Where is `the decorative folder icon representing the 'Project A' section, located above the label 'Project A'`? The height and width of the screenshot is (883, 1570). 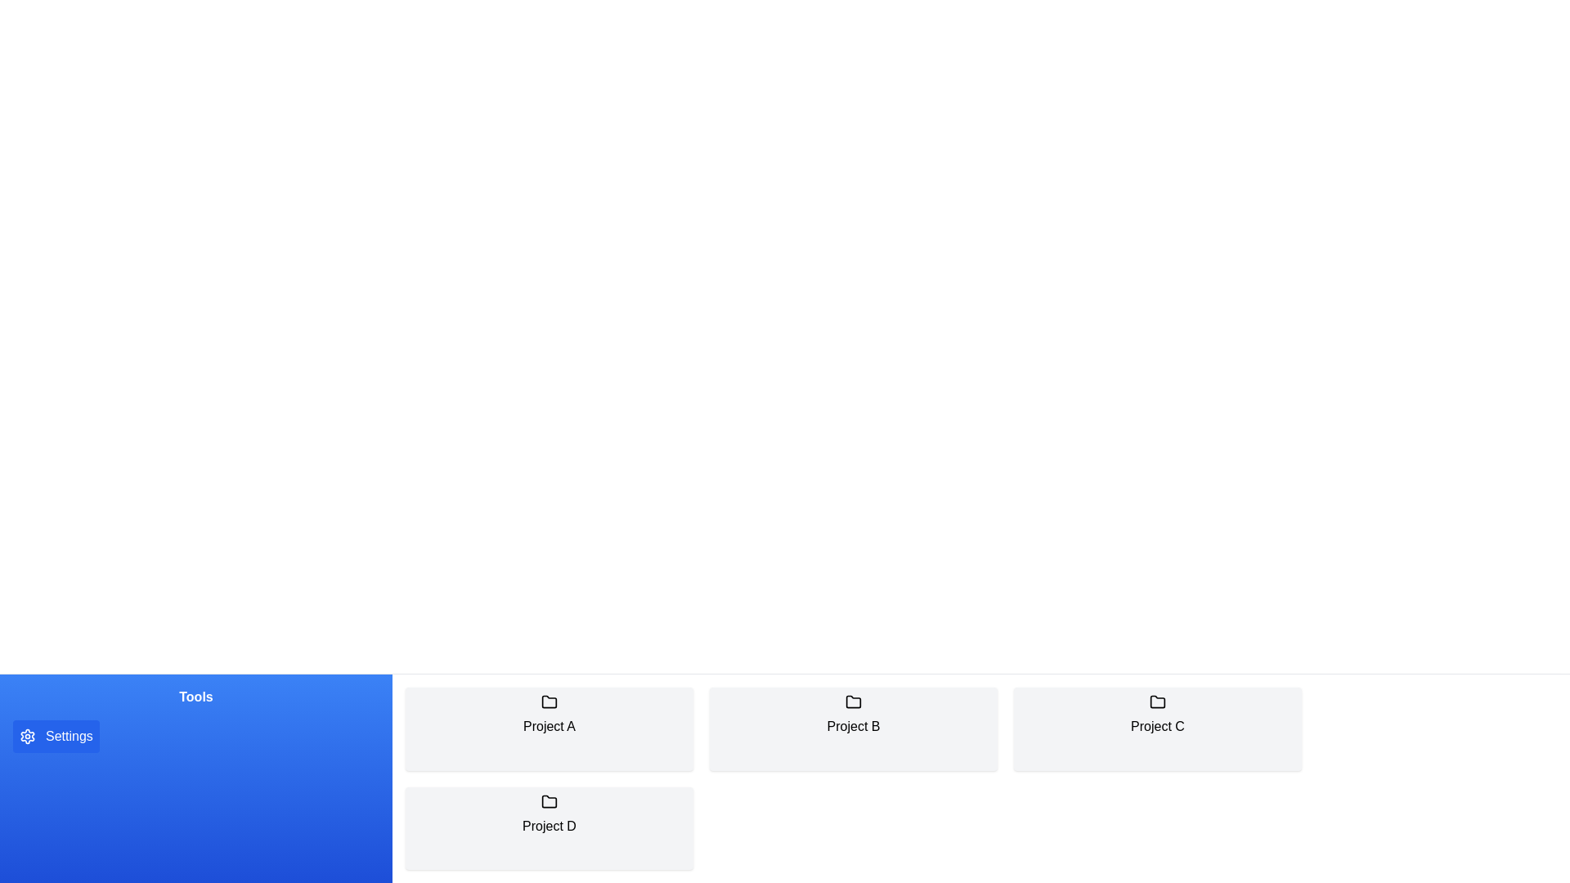
the decorative folder icon representing the 'Project A' section, located above the label 'Project A' is located at coordinates (549, 700).